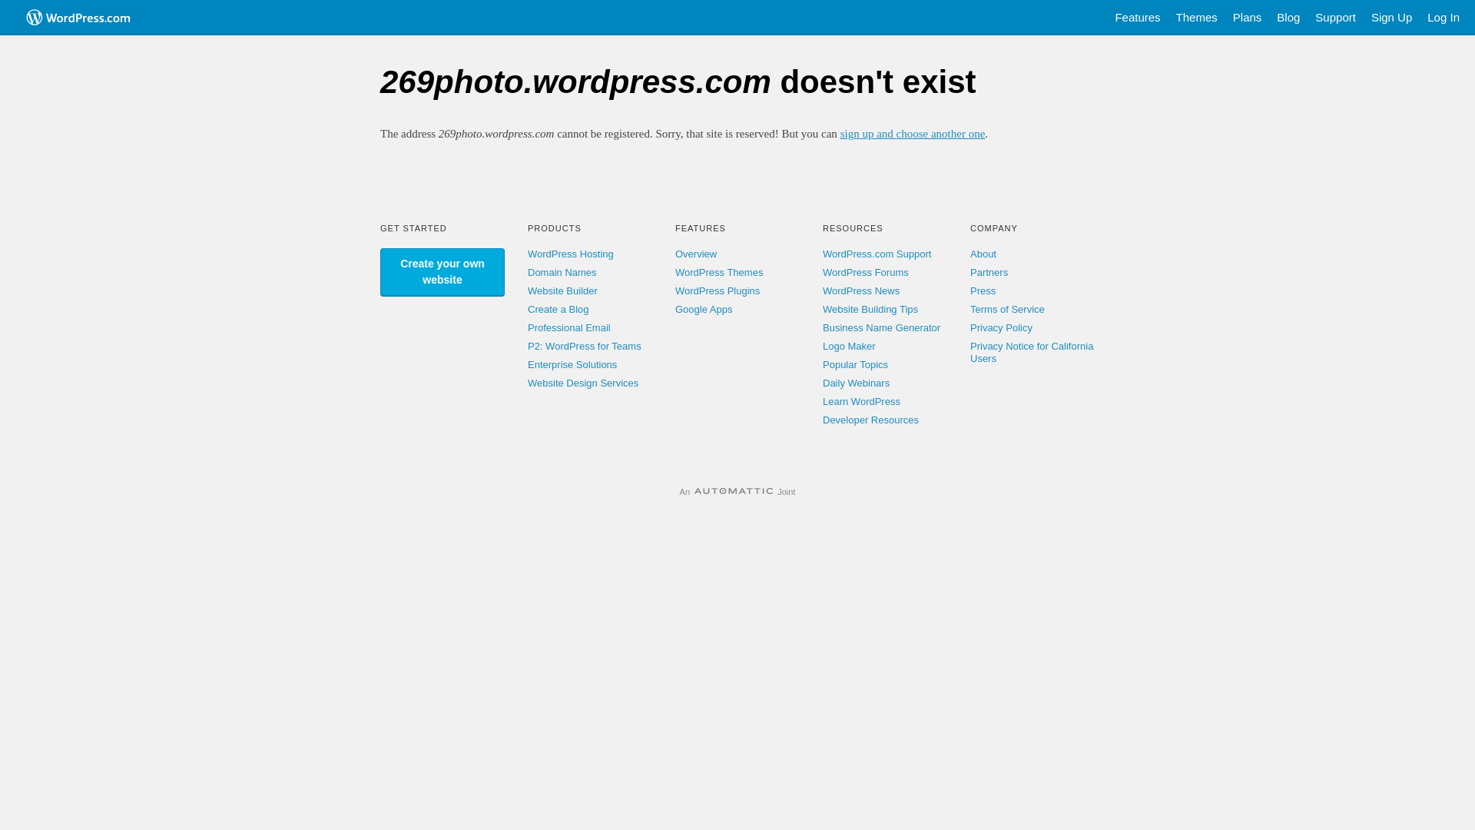 This screenshot has width=1475, height=830. Describe the element at coordinates (1391, 18) in the screenshot. I see `'Sign Up'` at that location.